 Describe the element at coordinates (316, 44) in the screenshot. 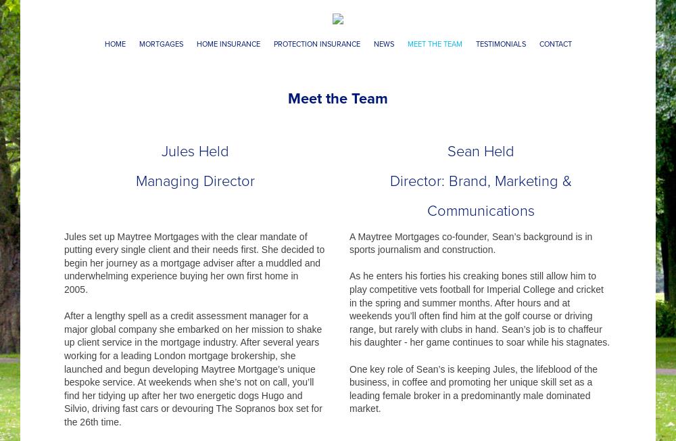

I see `'Protection Insurance'` at that location.